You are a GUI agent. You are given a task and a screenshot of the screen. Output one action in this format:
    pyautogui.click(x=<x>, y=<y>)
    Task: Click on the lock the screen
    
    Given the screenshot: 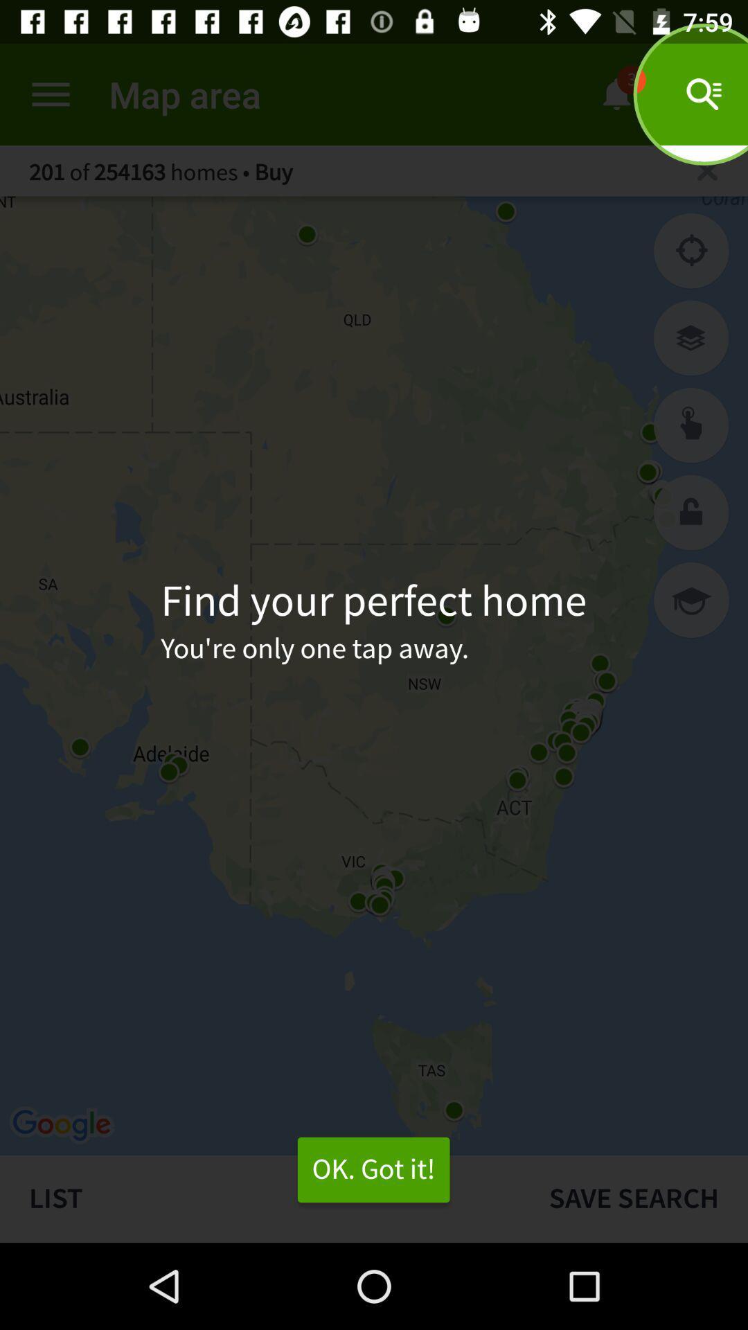 What is the action you would take?
    pyautogui.click(x=691, y=512)
    